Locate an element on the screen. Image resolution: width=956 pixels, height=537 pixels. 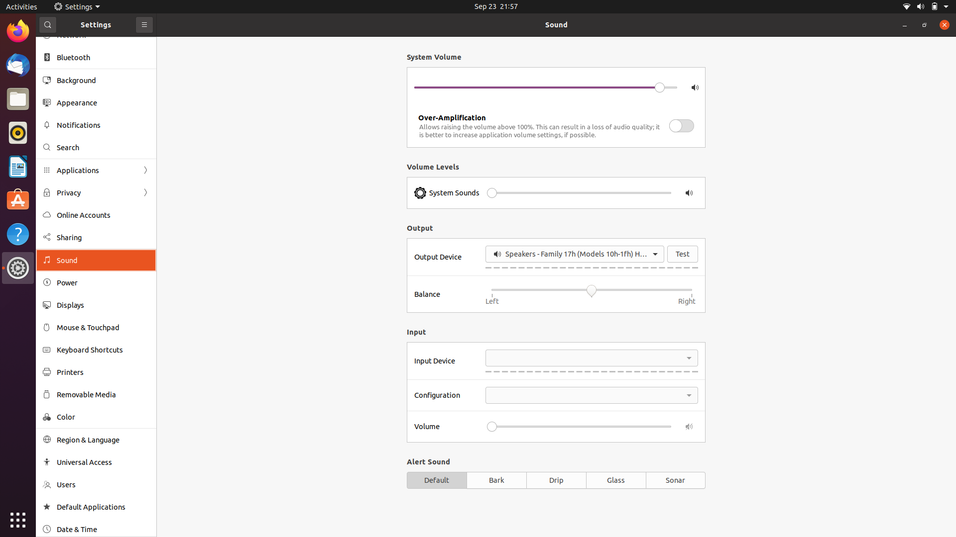
Update language and regional settings is located at coordinates (96, 439).